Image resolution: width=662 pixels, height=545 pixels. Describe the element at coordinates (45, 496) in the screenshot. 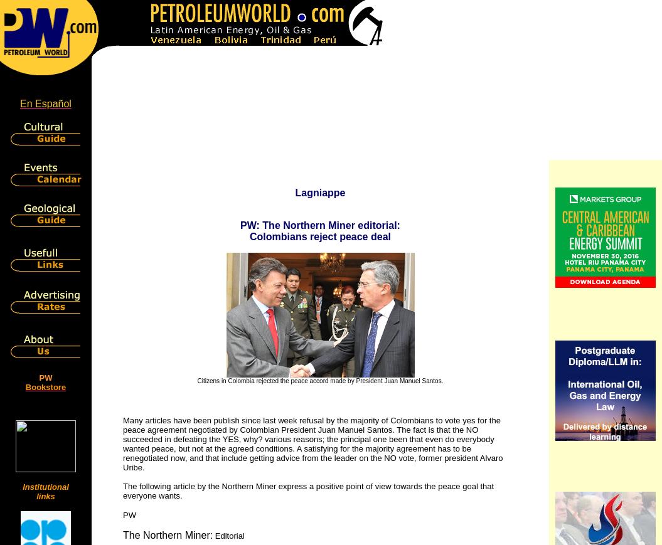

I see `'links'` at that location.